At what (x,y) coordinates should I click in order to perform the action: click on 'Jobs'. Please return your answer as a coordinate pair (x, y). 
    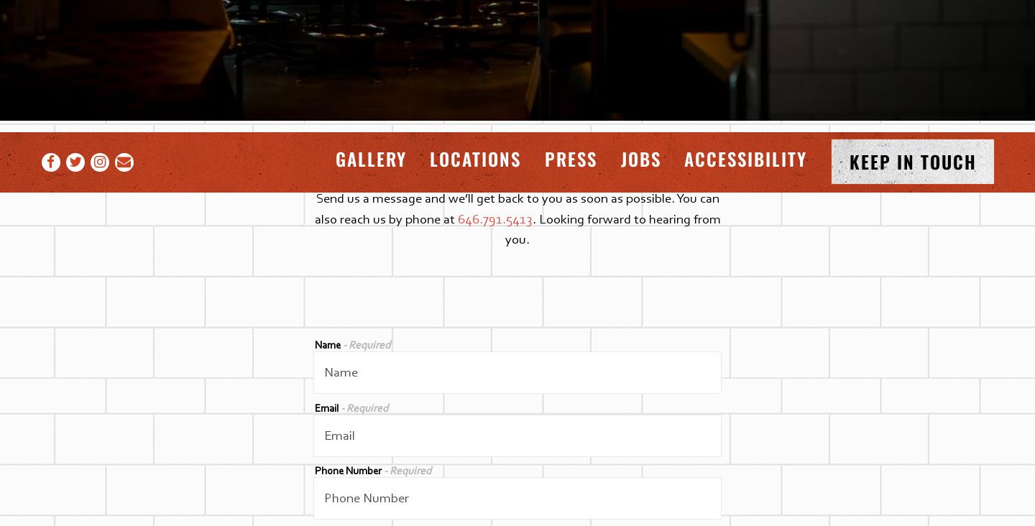
    Looking at the image, I should click on (619, 157).